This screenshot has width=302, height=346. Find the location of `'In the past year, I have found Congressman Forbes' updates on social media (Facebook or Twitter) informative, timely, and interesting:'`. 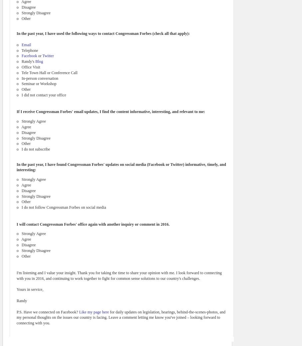

'In the past year, I have found Congressman Forbes' updates on social media (Facebook or Twitter) informative, timely, and interesting:' is located at coordinates (121, 167).